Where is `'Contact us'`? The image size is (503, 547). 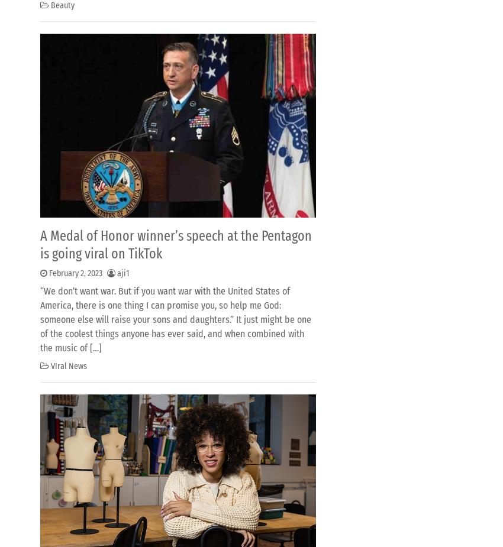
'Contact us' is located at coordinates (70, 37).